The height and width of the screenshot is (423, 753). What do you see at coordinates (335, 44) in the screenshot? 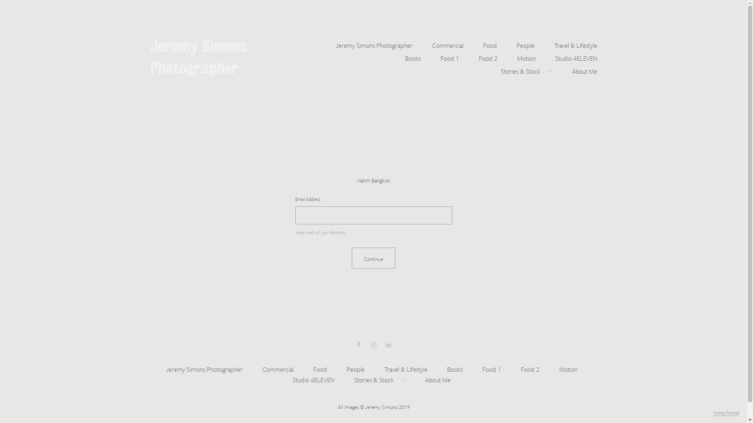
I see `'Jeremy Simons Photographer'` at bounding box center [335, 44].